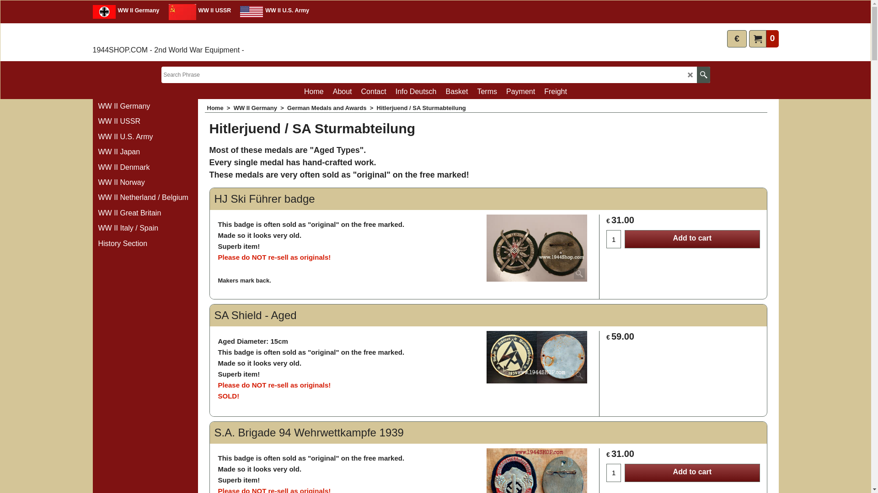 This screenshot has height=493, width=878. I want to click on 'Freight', so click(555, 91).